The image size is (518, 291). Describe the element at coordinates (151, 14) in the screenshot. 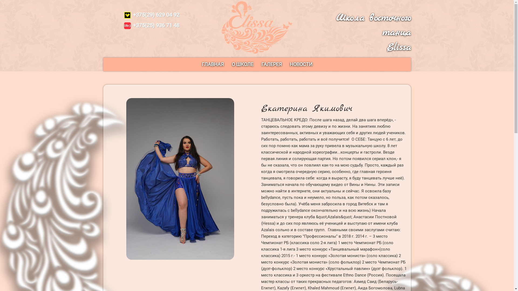

I see `'+375(29) 629 04 92'` at that location.